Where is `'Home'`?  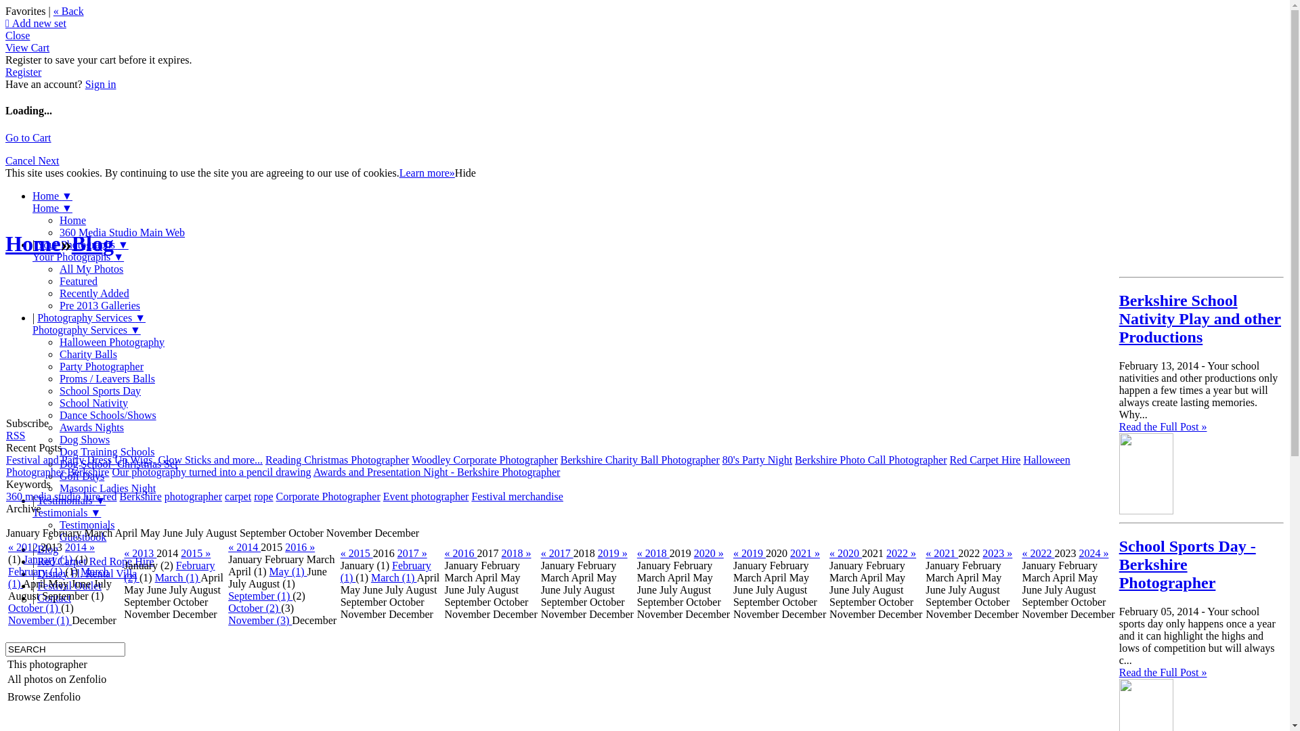
'Home' is located at coordinates (5, 242).